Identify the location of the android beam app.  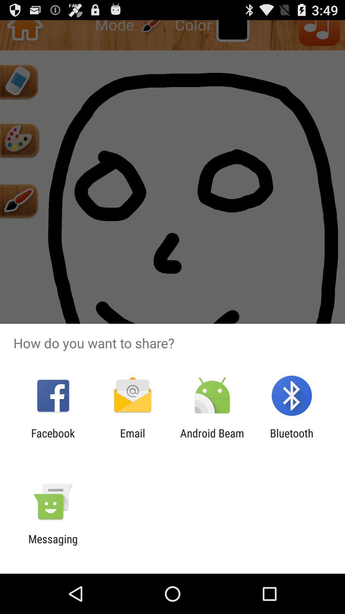
(212, 439).